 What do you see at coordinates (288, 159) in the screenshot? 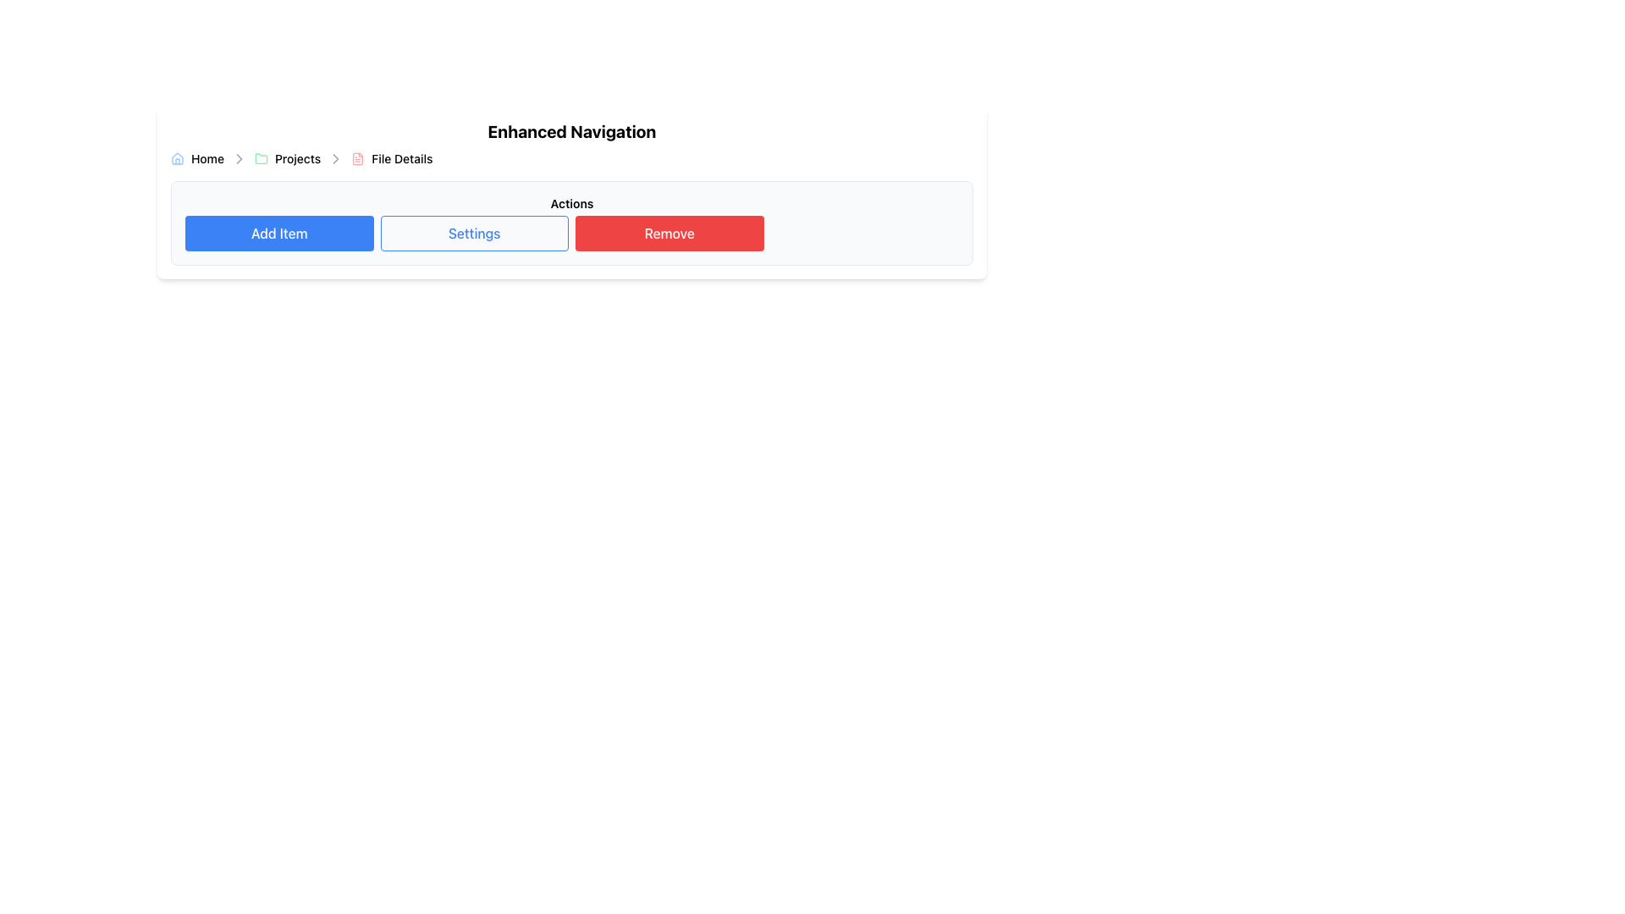
I see `the 'Projects' text label in the breadcrumb navigation bar` at bounding box center [288, 159].